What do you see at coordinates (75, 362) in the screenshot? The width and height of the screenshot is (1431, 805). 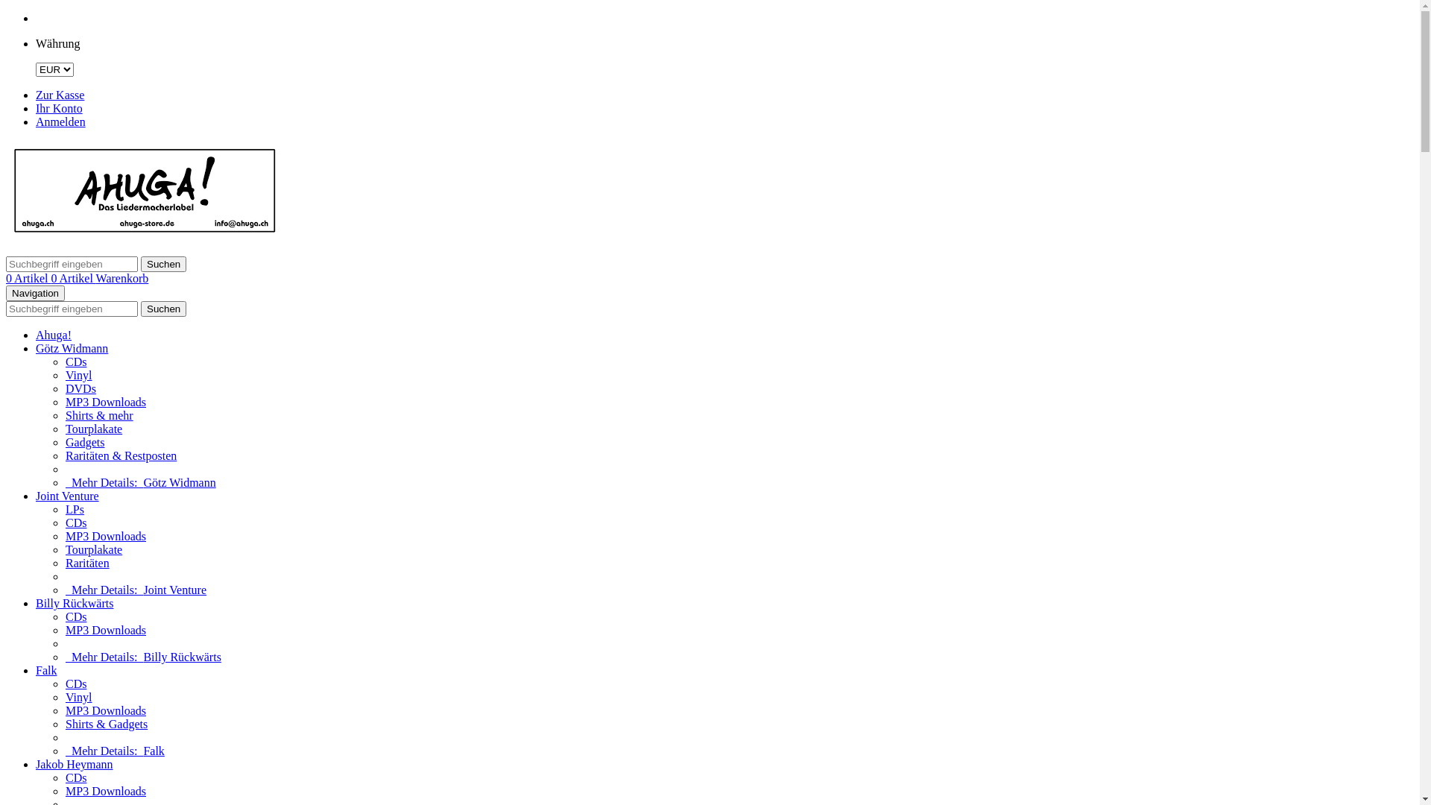 I see `'CDs'` at bounding box center [75, 362].